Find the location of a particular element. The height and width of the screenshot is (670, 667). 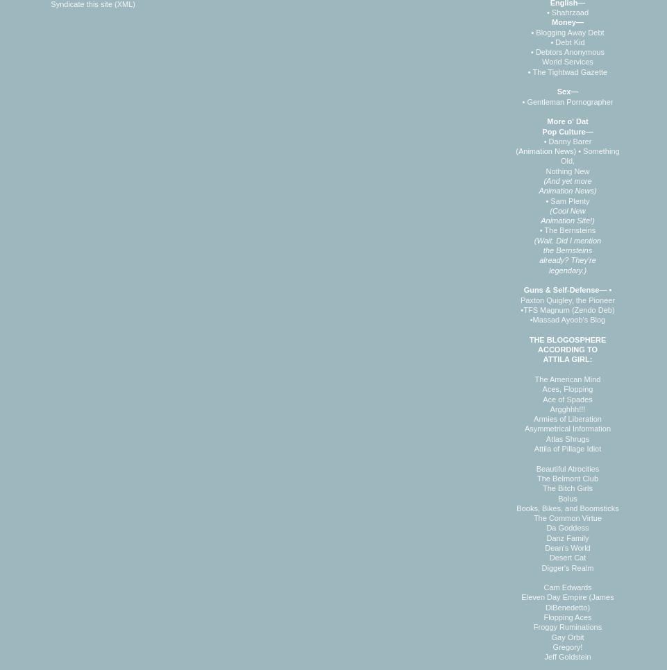

'Flopping Aces' is located at coordinates (543, 617).